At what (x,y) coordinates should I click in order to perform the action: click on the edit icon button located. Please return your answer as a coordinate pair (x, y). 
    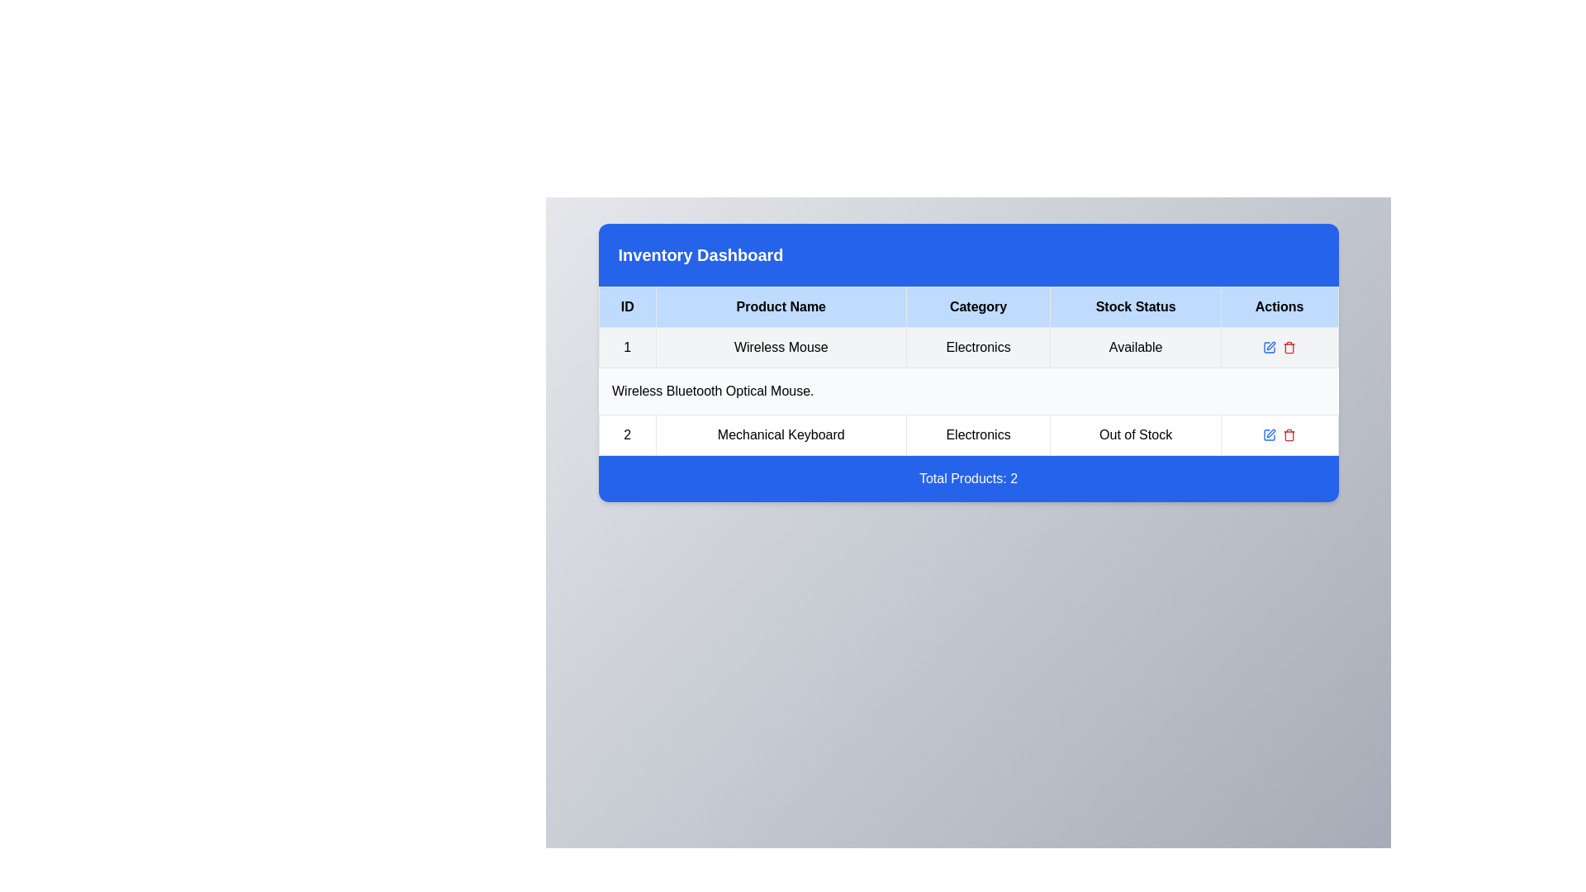
    Looking at the image, I should click on (1270, 432).